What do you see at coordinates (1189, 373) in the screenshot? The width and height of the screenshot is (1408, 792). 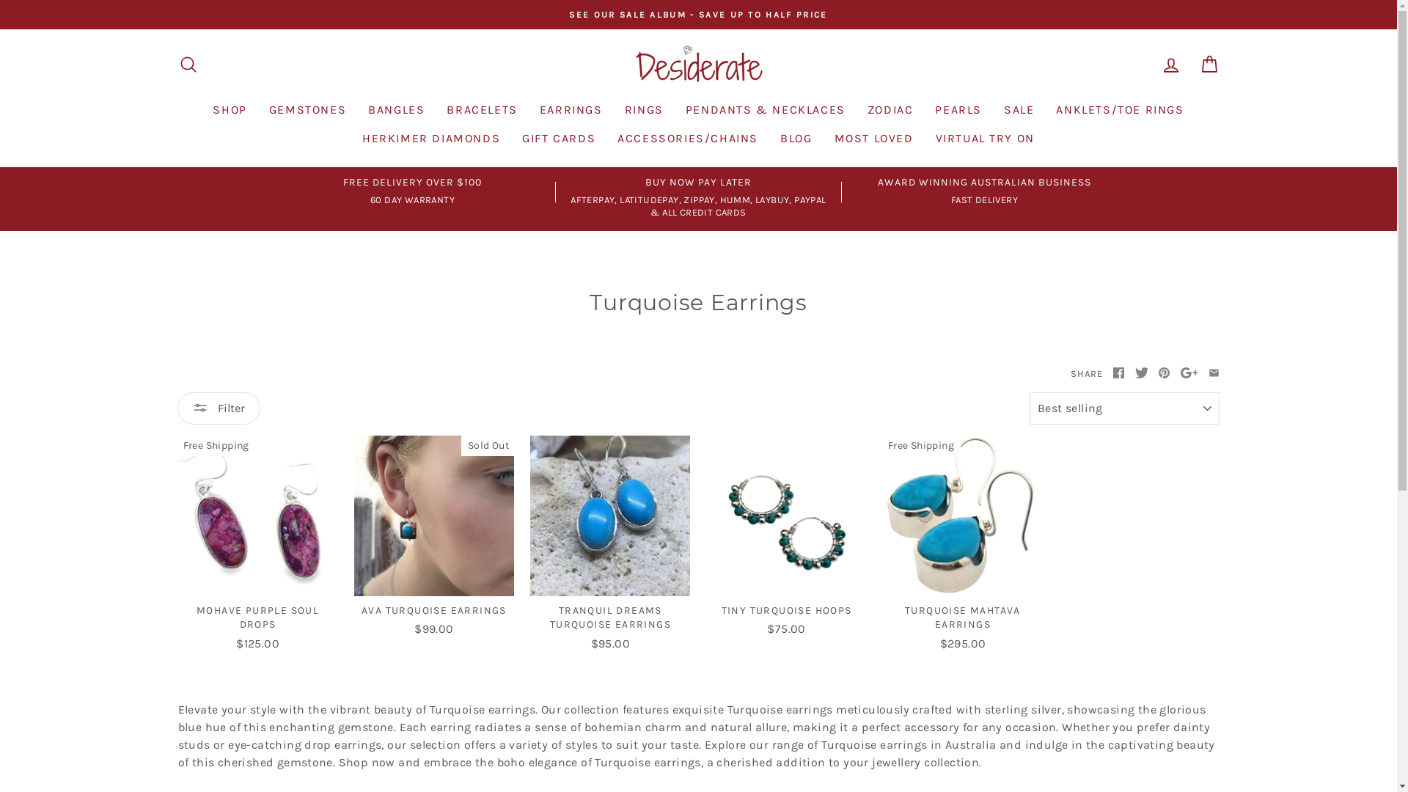 I see `'GooglePlus'` at bounding box center [1189, 373].